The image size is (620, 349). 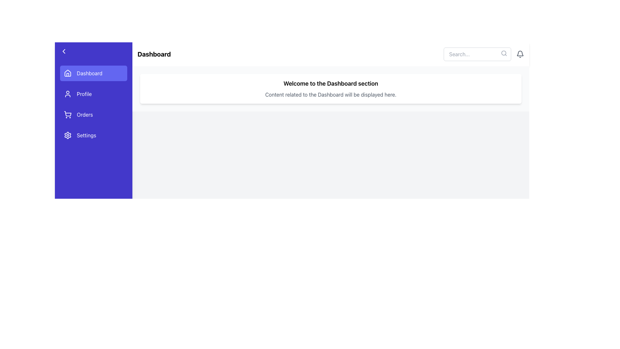 I want to click on the Static Text element that provides descriptive content about the Dashboard section, located below the heading 'Welcome to the Dashboard section', so click(x=331, y=95).